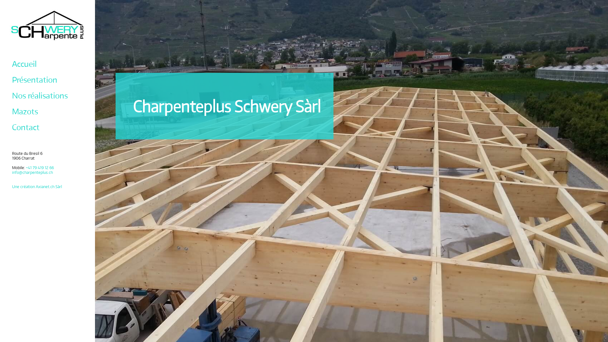 The image size is (608, 342). What do you see at coordinates (32, 172) in the screenshot?
I see `'info@charpenteplus.ch'` at bounding box center [32, 172].